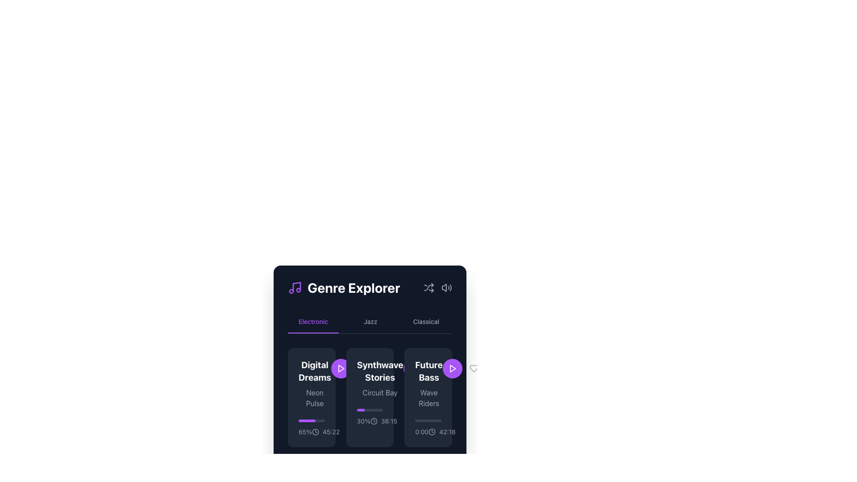 This screenshot has width=857, height=482. Describe the element at coordinates (452, 368) in the screenshot. I see `the circular purple button with a white triangular play icon to play the associated content, located next to the 'Future Bass' card in the genre explorer interface` at that location.